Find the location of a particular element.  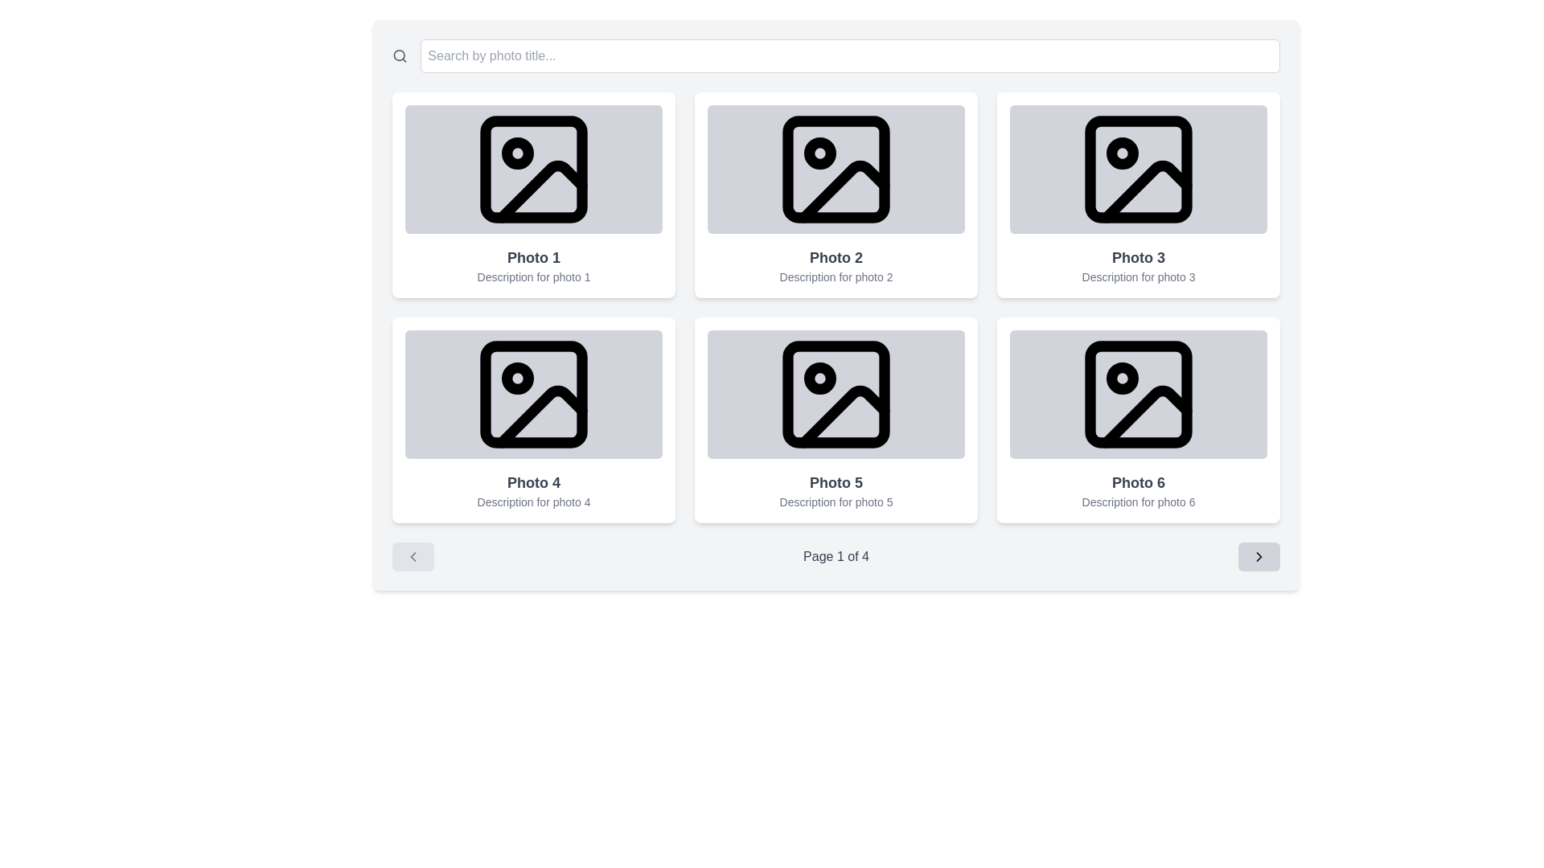

the text label indicating the current page ('1') out of a total of four pages in the pagination system, which is centrally positioned in the layout is located at coordinates (836, 556).